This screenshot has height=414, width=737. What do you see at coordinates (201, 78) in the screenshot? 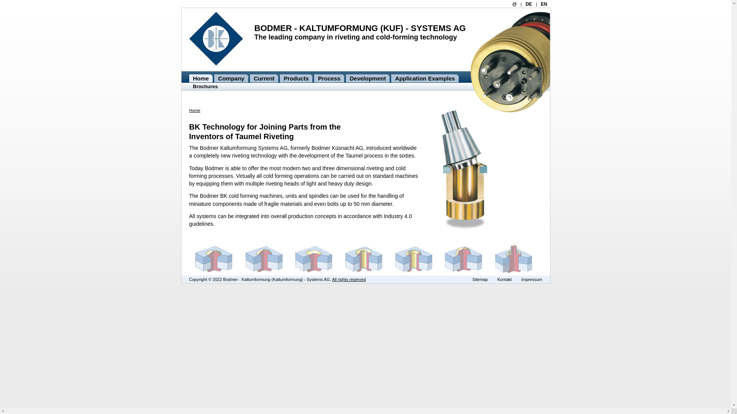
I see `'Home'` at bounding box center [201, 78].